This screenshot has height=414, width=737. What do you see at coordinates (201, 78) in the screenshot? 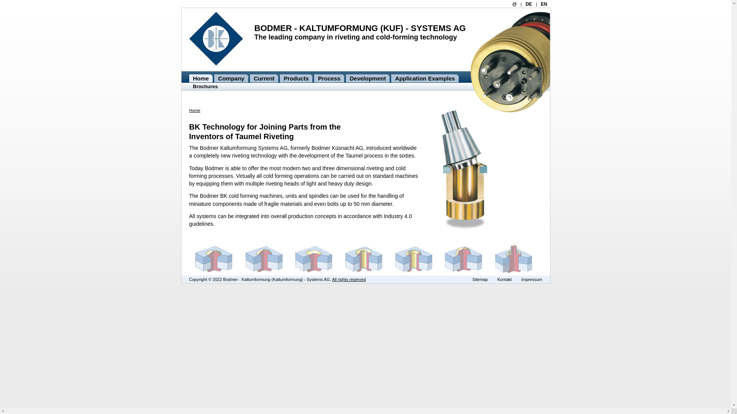
I see `'Home'` at bounding box center [201, 78].